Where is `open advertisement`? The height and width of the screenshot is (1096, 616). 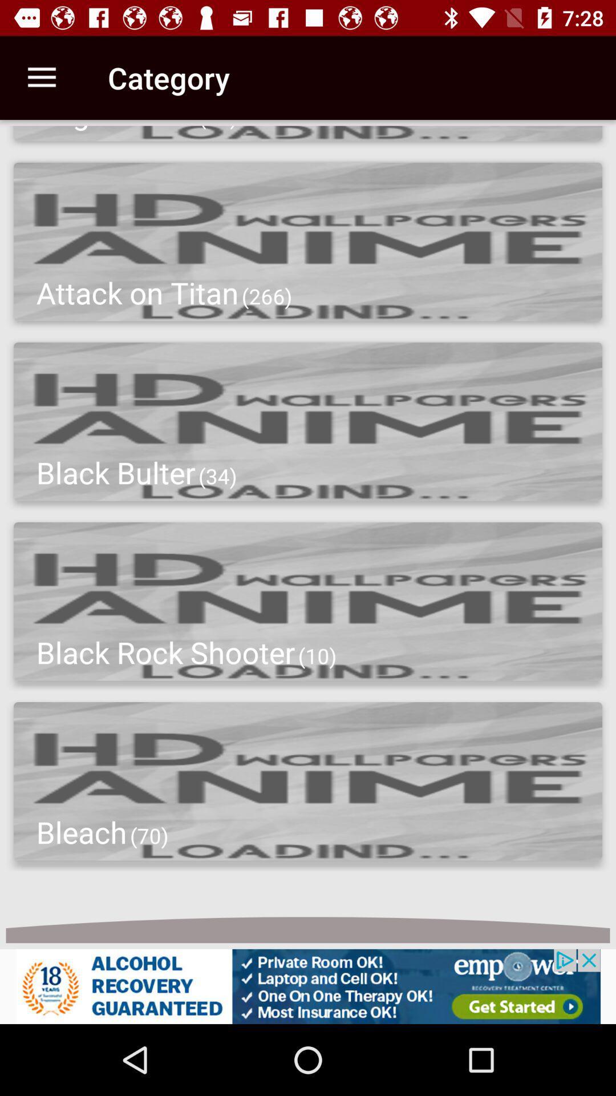 open advertisement is located at coordinates (308, 986).